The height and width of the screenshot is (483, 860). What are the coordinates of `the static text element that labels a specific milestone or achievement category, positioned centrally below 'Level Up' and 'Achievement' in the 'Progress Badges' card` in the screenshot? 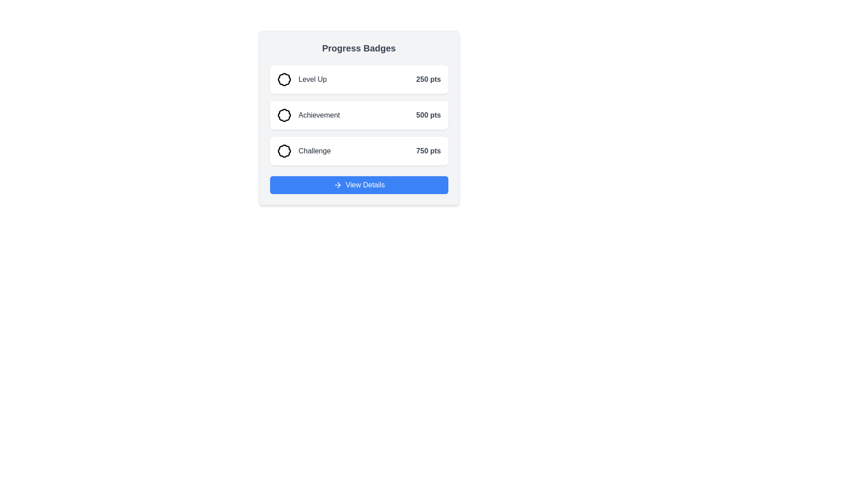 It's located at (314, 151).